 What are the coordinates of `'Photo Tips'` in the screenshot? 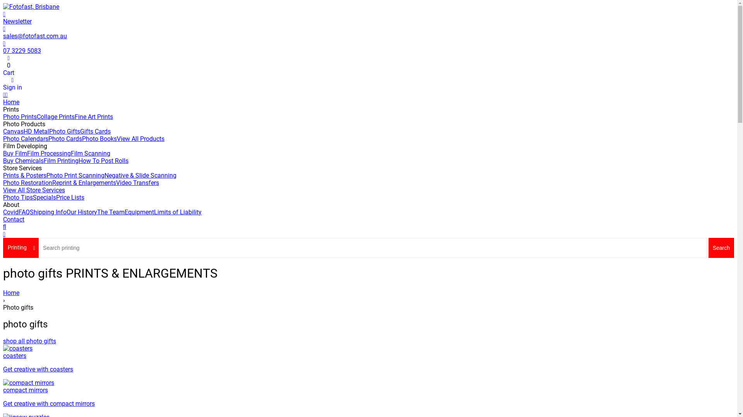 It's located at (18, 197).